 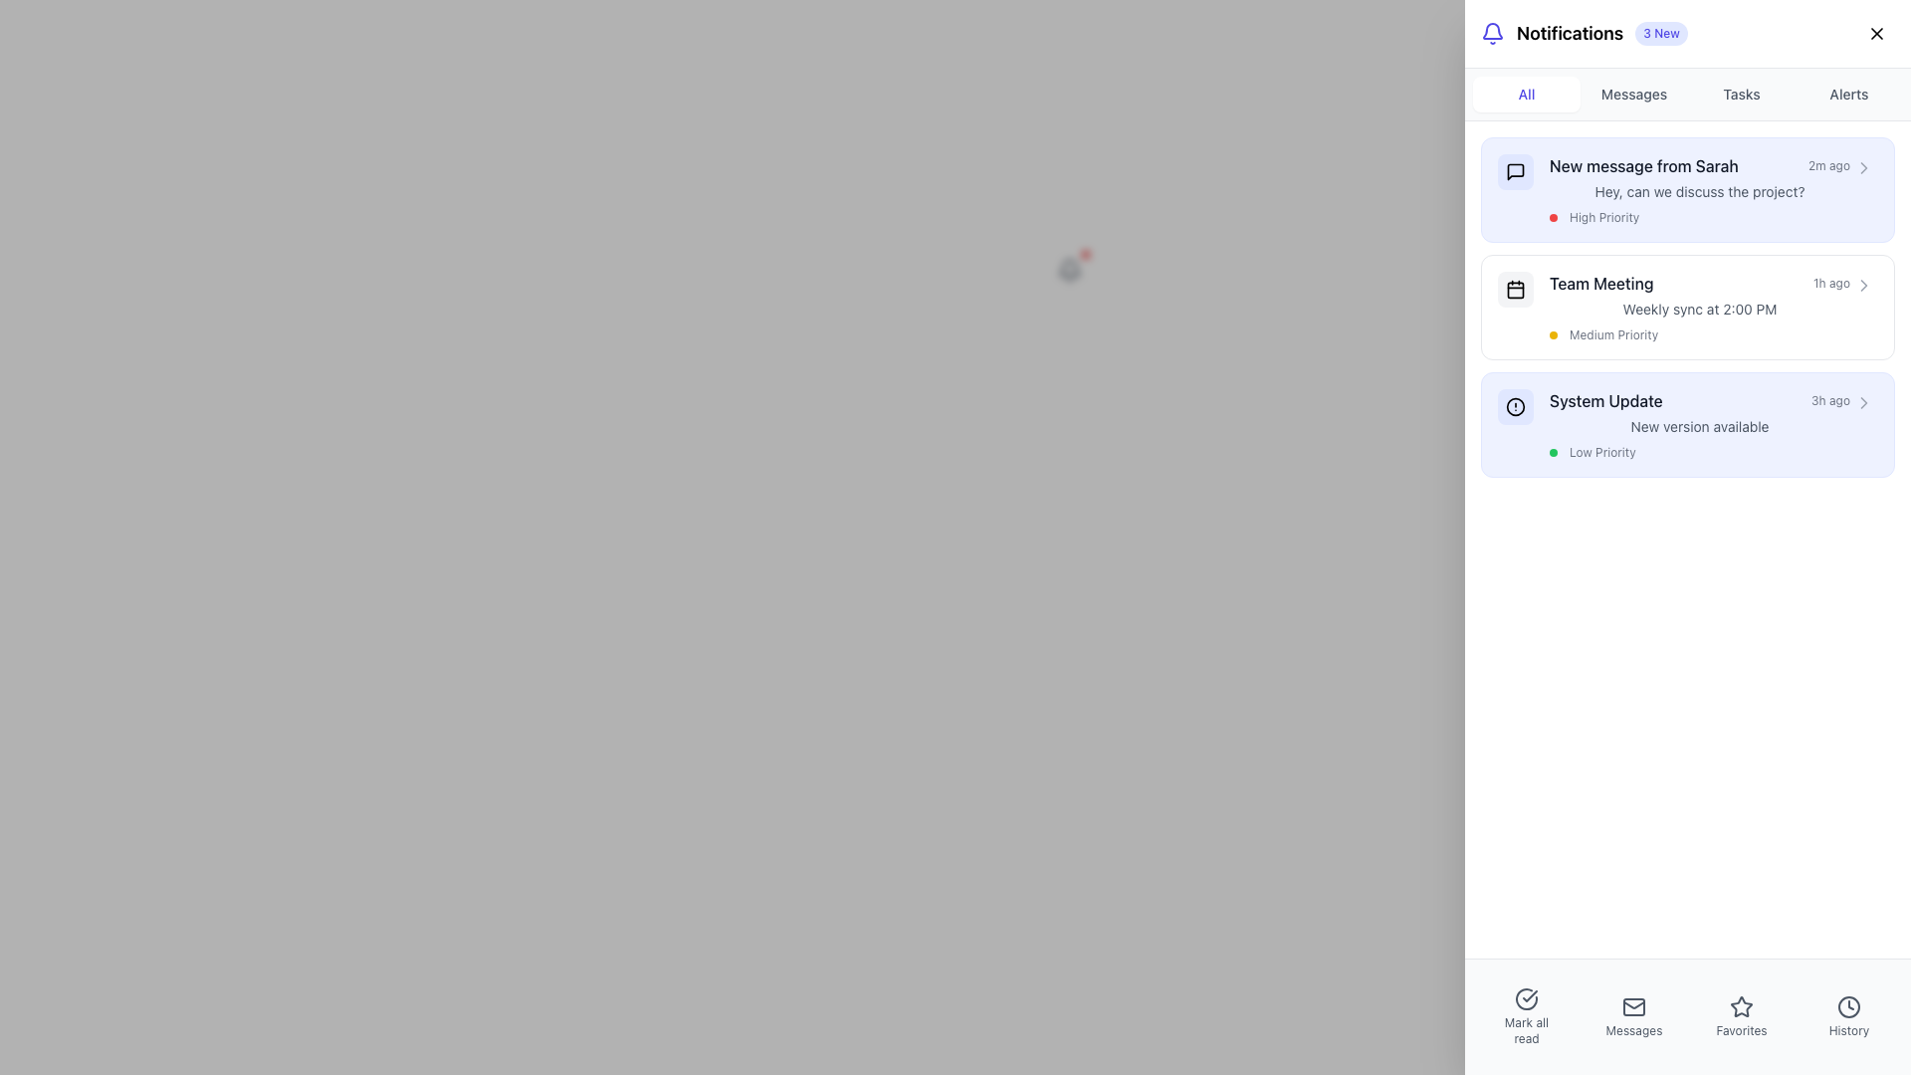 What do you see at coordinates (1741, 1006) in the screenshot?
I see `the star-shaped icon button in the interactive menu system` at bounding box center [1741, 1006].